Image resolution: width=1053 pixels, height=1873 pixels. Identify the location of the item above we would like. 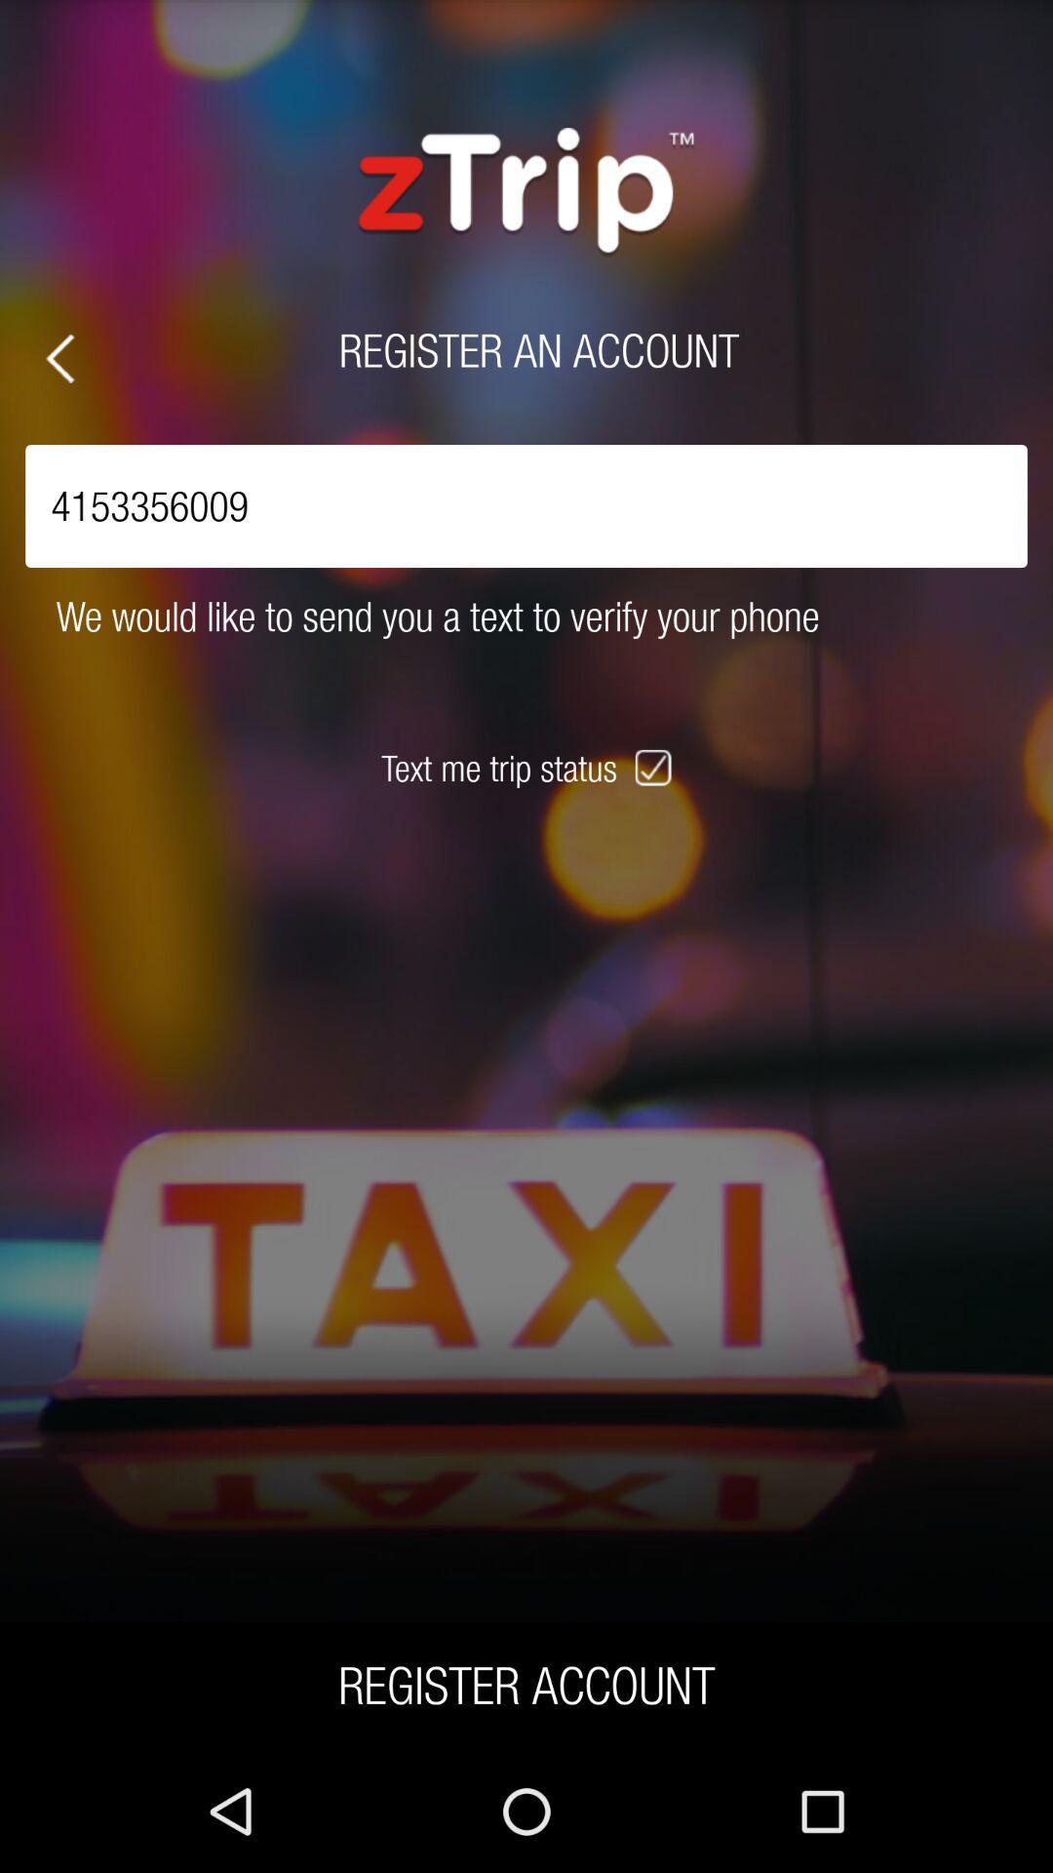
(526, 505).